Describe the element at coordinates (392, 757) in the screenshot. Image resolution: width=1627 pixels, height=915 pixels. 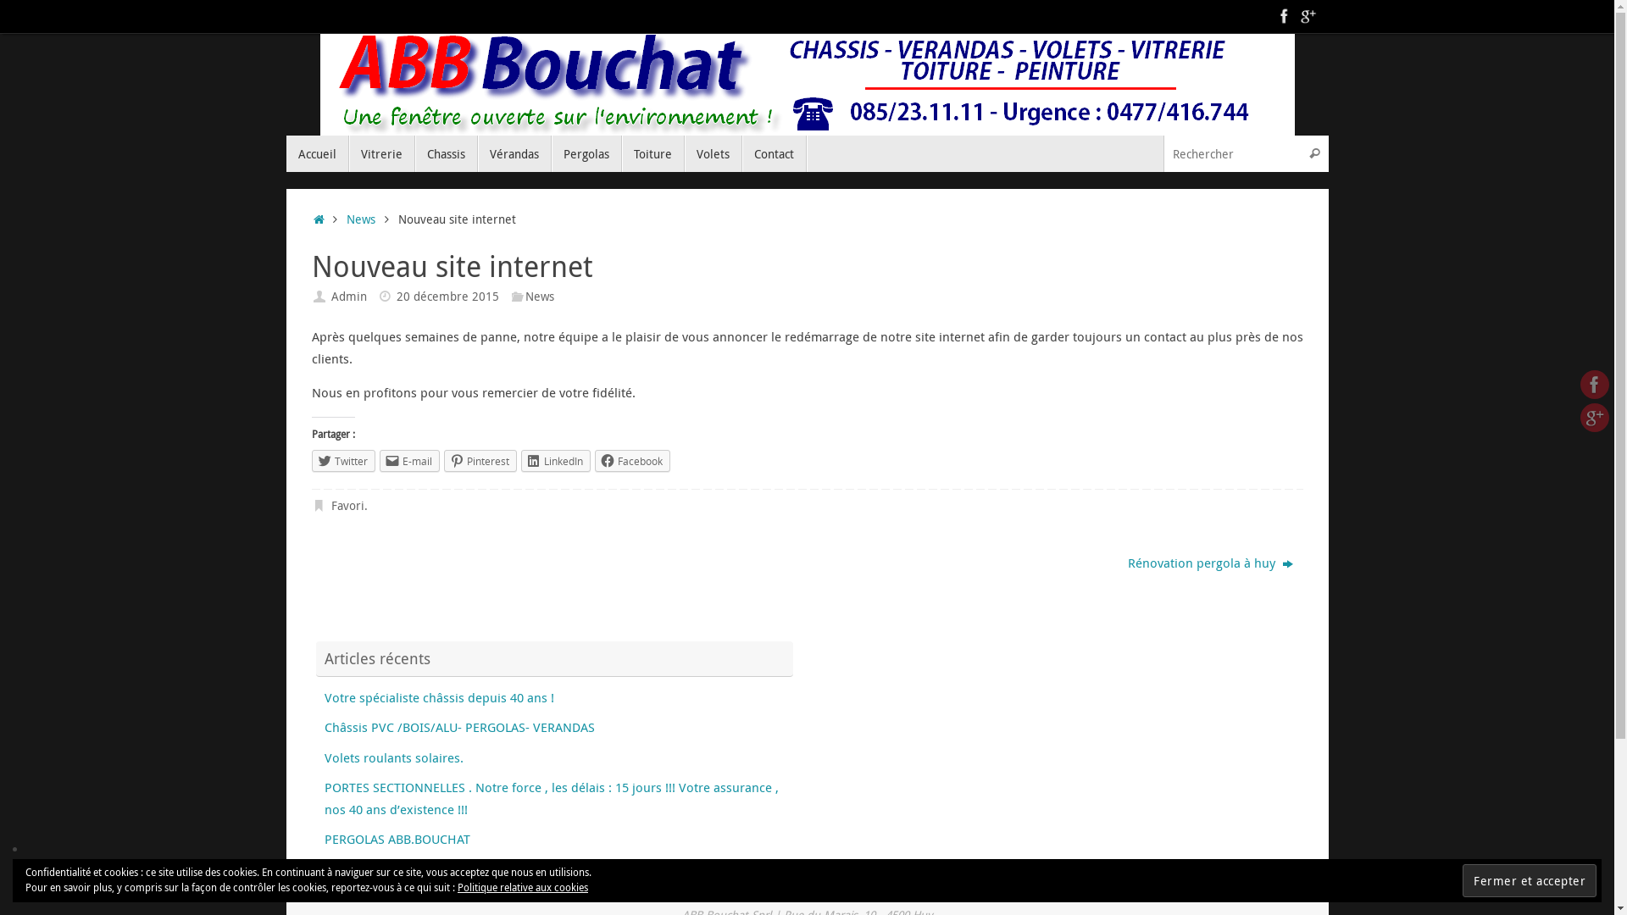
I see `'Volets roulants solaires.'` at that location.